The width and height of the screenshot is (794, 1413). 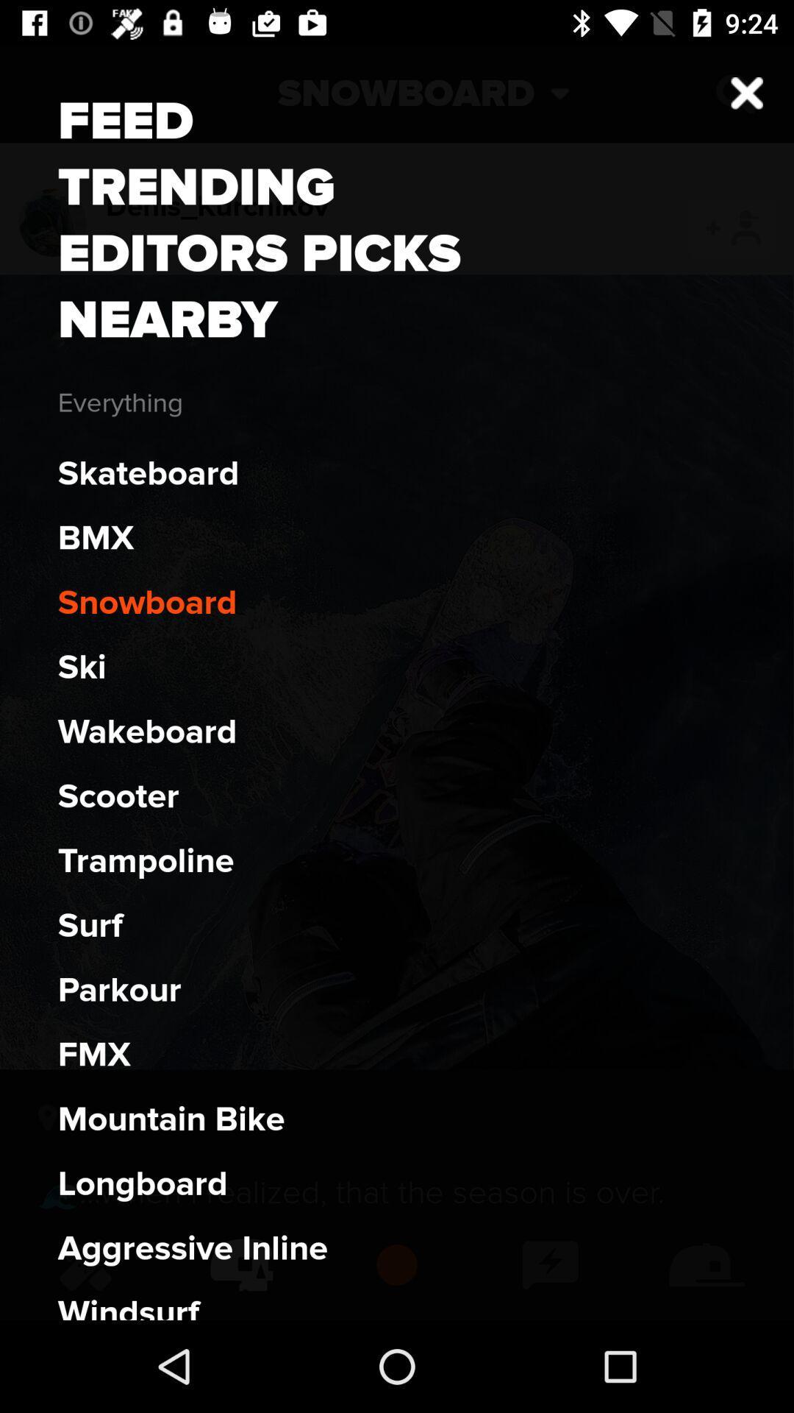 I want to click on the close icon, so click(x=747, y=92).